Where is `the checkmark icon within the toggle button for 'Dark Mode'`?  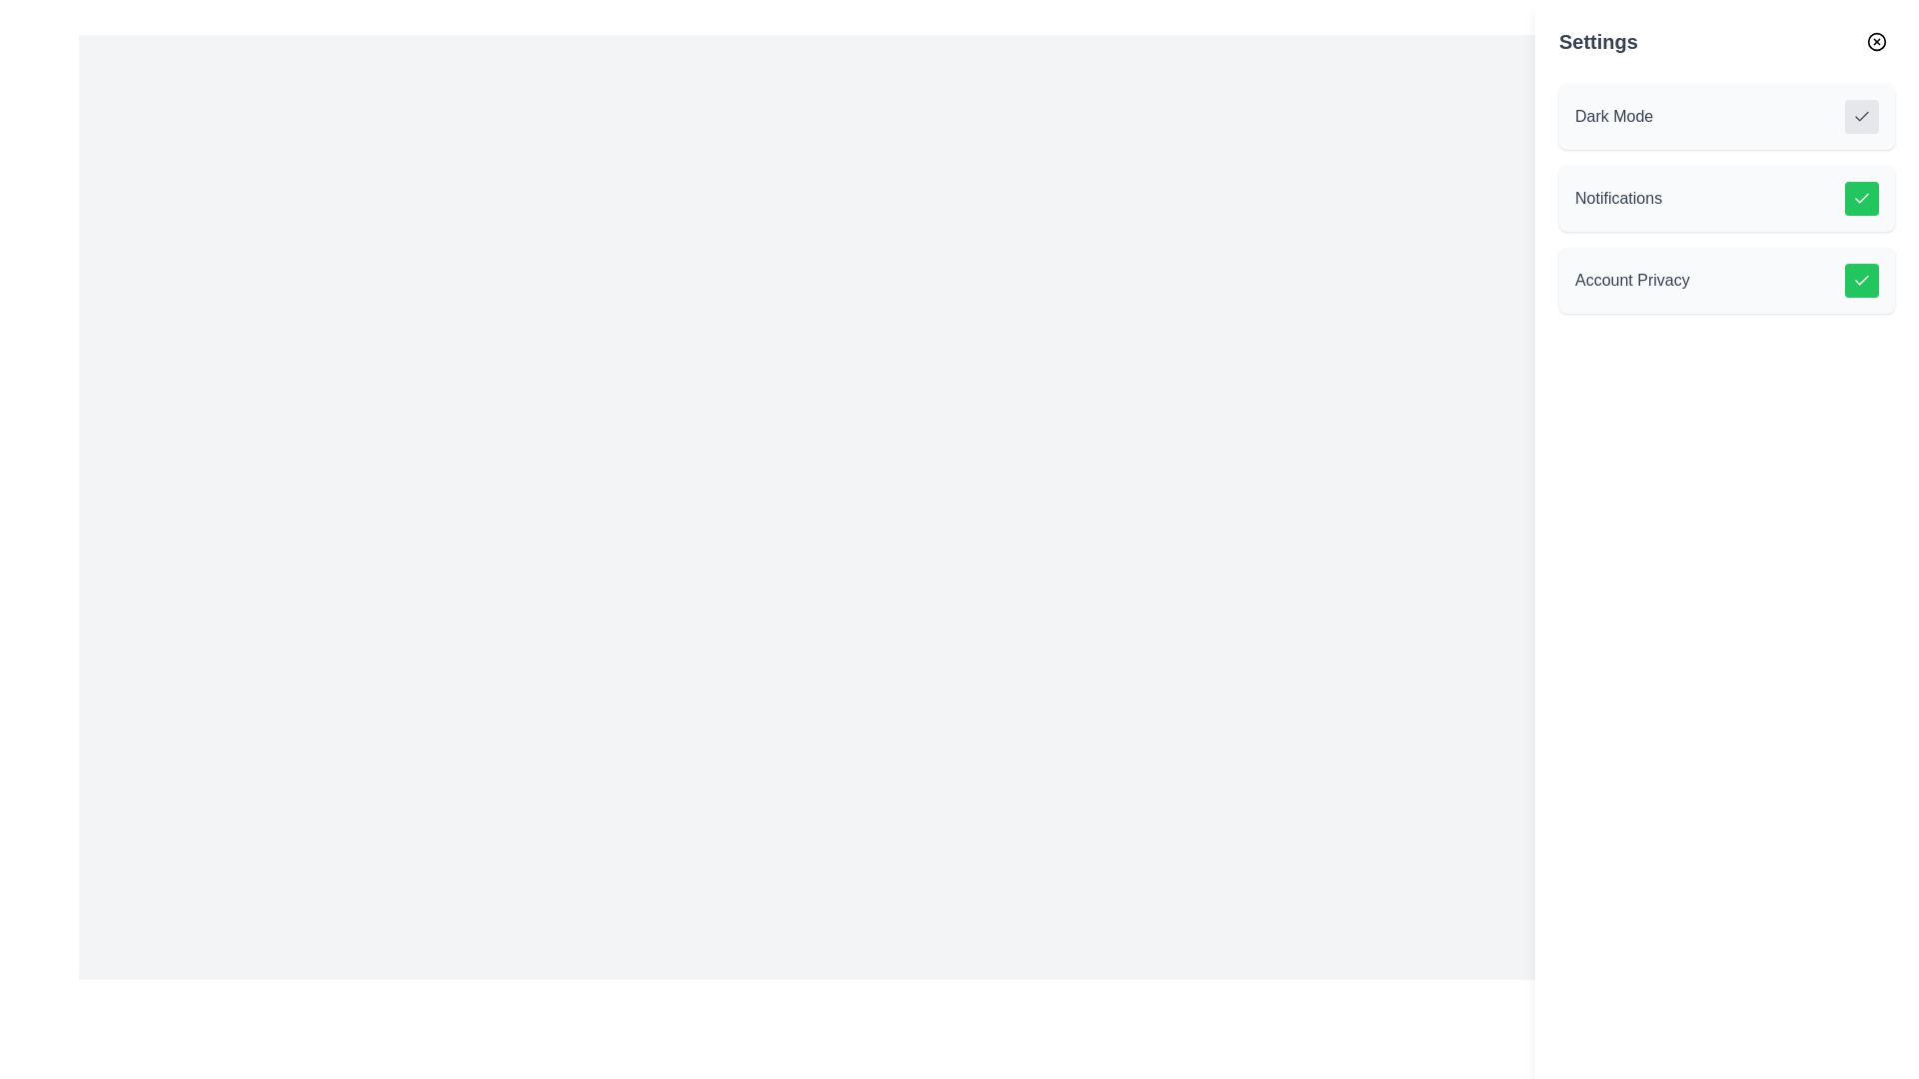
the checkmark icon within the toggle button for 'Dark Mode' is located at coordinates (1860, 116).